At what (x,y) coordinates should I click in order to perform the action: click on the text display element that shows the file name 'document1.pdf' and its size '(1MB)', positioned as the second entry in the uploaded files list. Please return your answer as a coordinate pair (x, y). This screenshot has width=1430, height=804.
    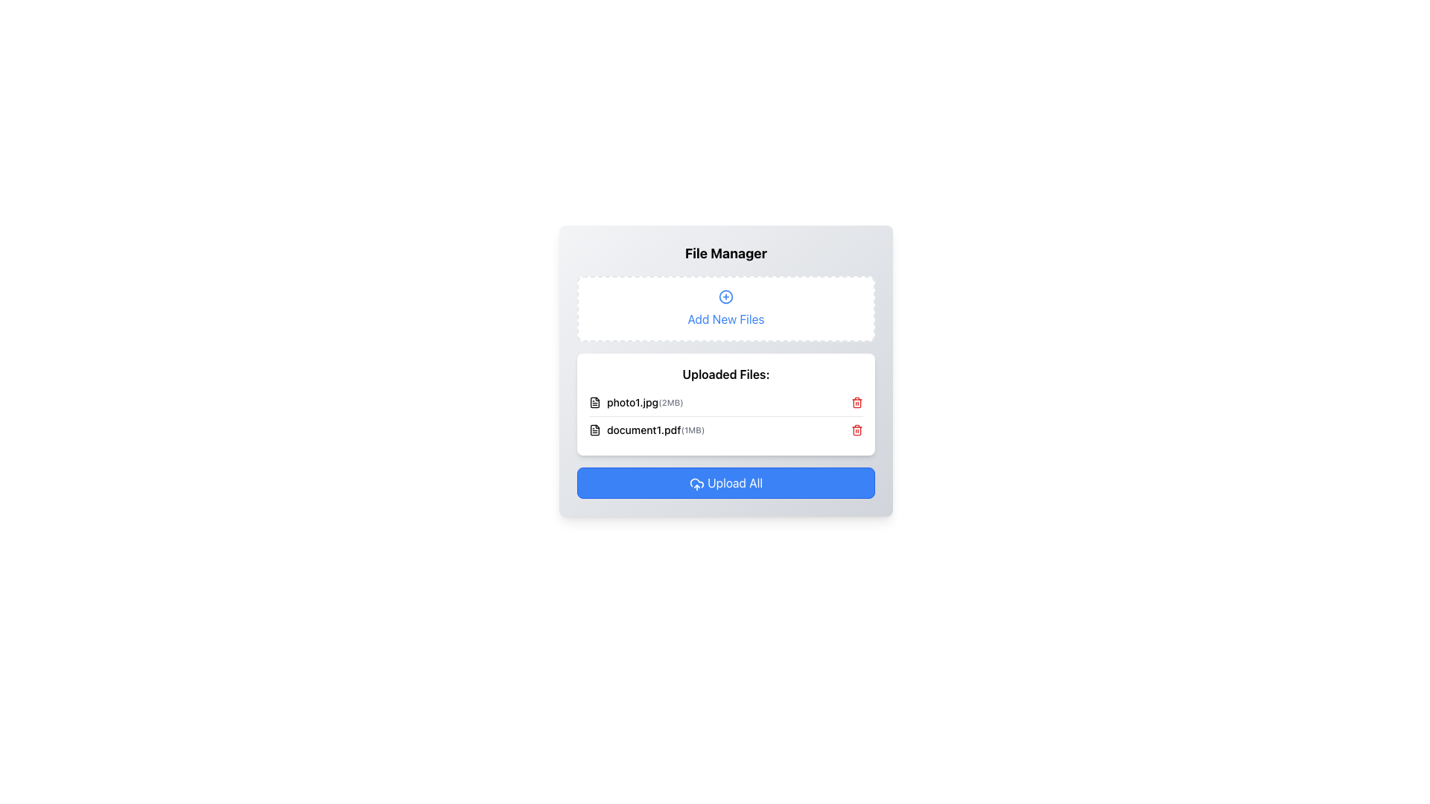
    Looking at the image, I should click on (655, 430).